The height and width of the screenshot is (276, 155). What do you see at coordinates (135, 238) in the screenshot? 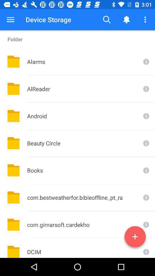
I see `new folder` at bounding box center [135, 238].